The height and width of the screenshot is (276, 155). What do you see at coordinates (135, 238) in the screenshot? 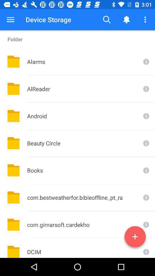
I see `new folder` at bounding box center [135, 238].